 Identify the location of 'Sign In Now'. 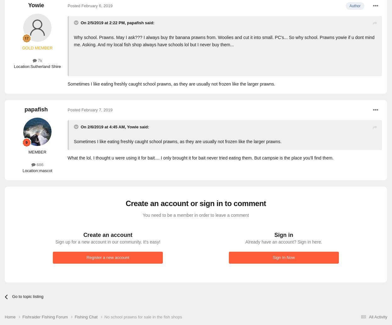
(283, 257).